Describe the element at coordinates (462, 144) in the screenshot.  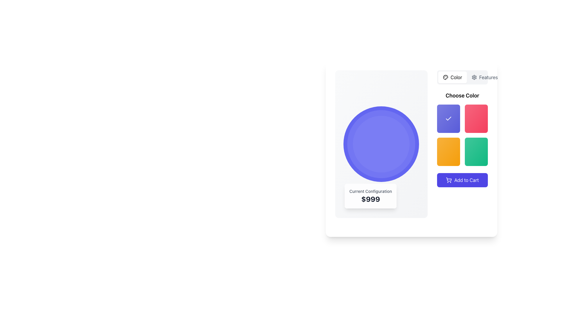
I see `the selectable color option button located in the 'Choose Color' section of the right panel, which is the leftmost item in the second row of color options` at that location.